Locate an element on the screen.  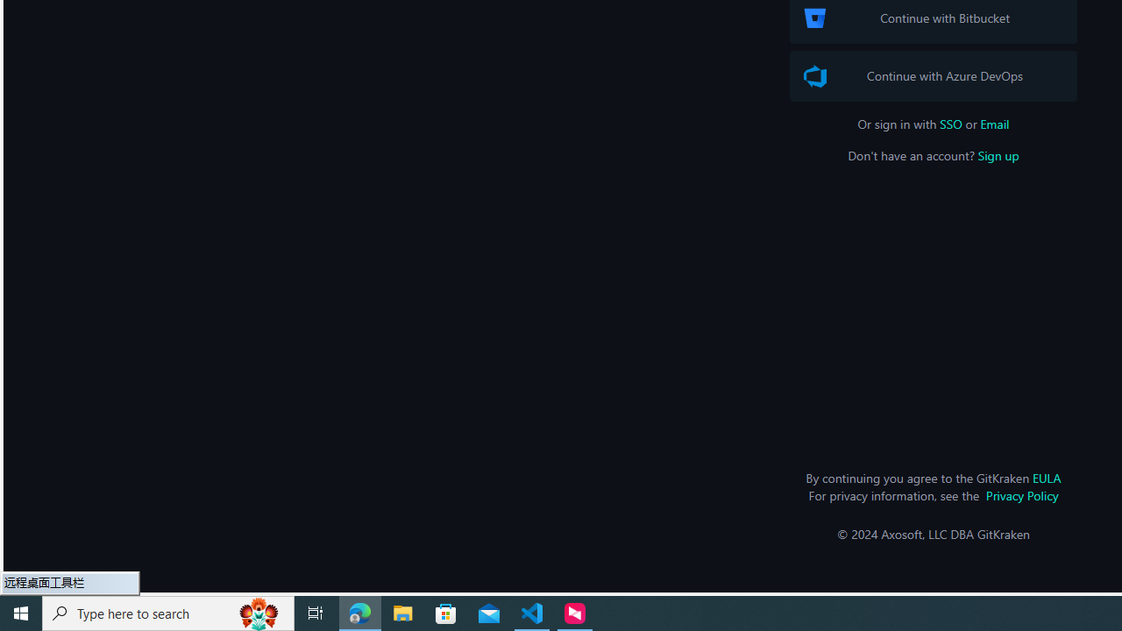
'EULA' is located at coordinates (1047, 478).